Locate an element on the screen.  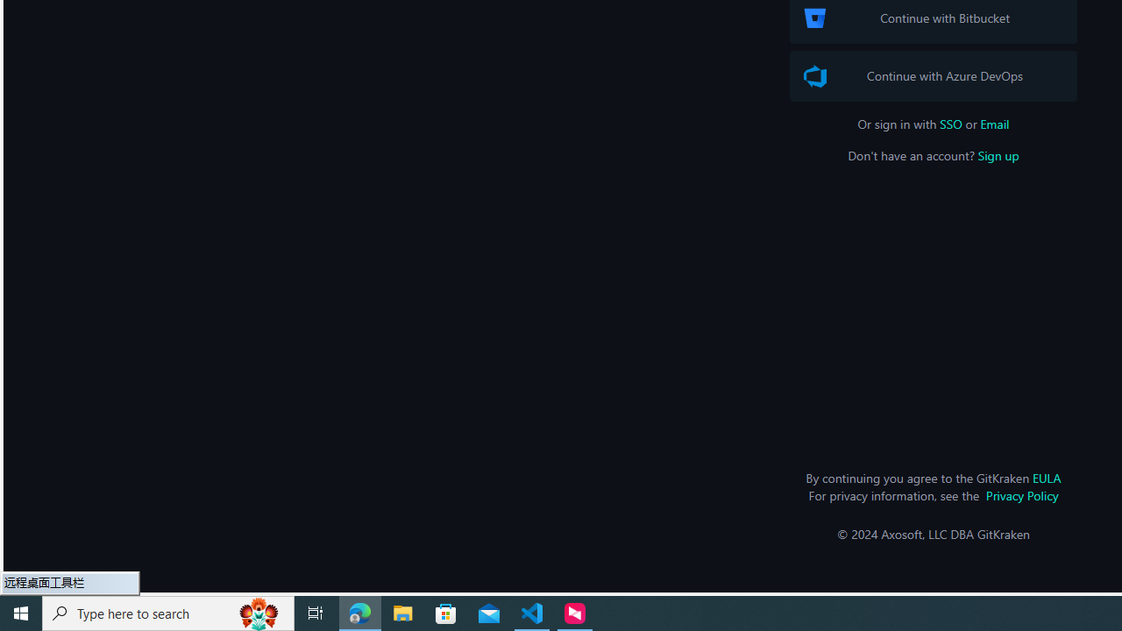
'EULA' is located at coordinates (1047, 478).